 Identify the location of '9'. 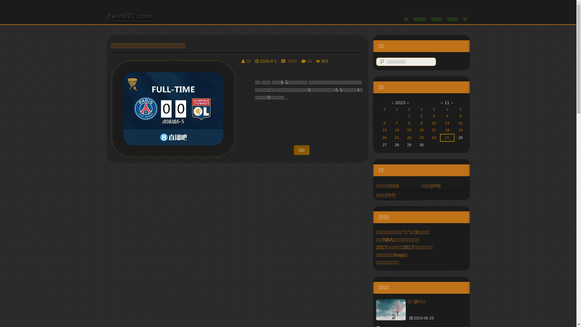
(421, 123).